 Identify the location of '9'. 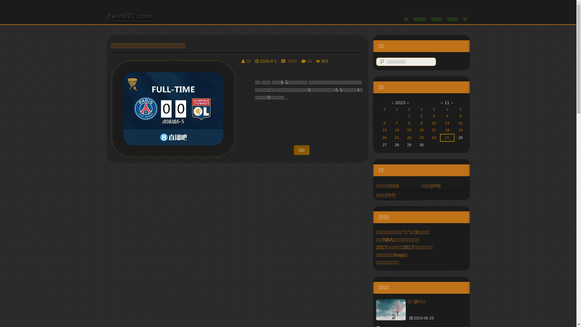
(421, 123).